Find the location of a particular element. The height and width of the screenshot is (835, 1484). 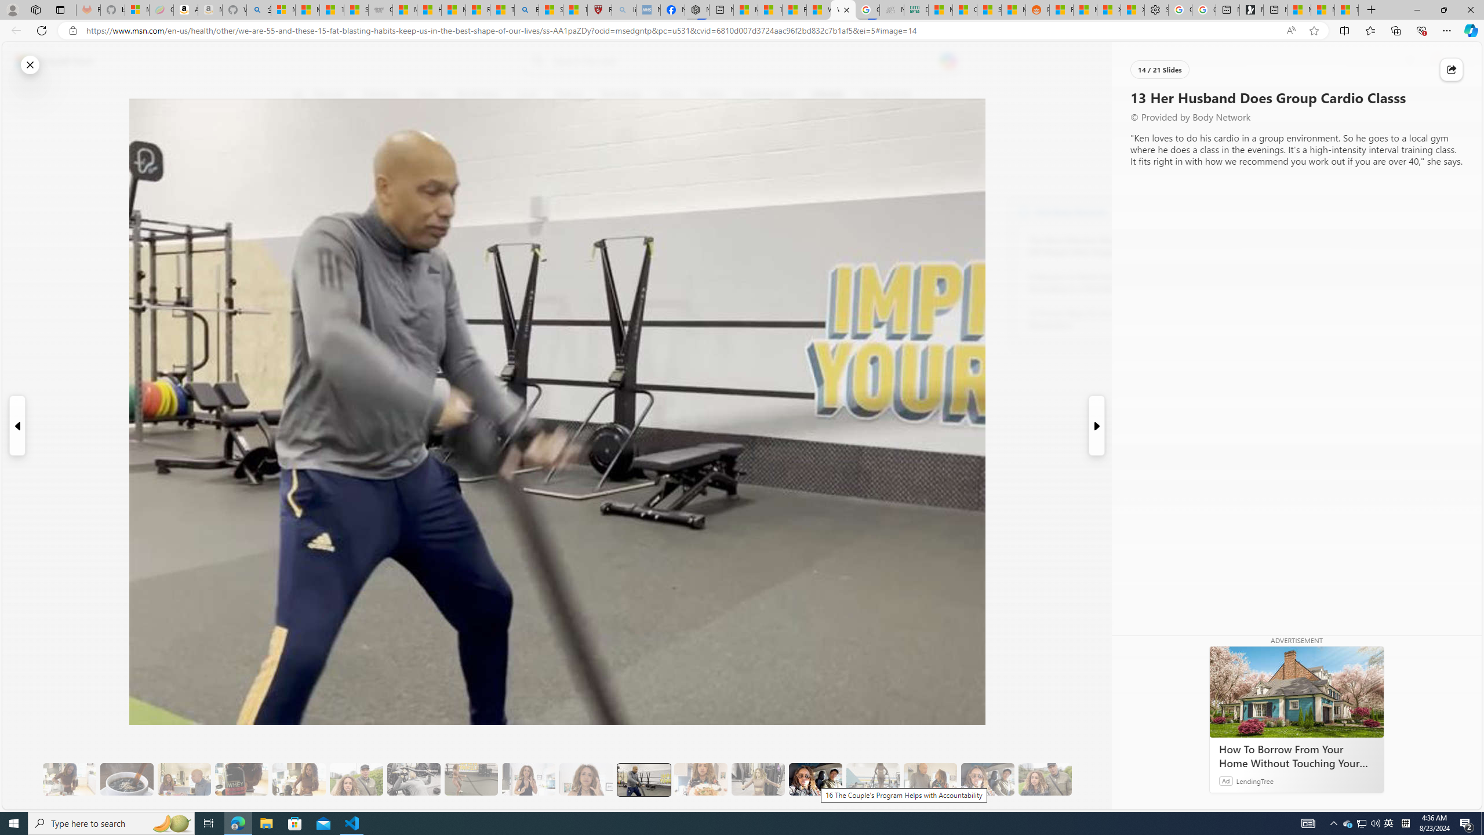

'Combat Siege' is located at coordinates (380, 9).